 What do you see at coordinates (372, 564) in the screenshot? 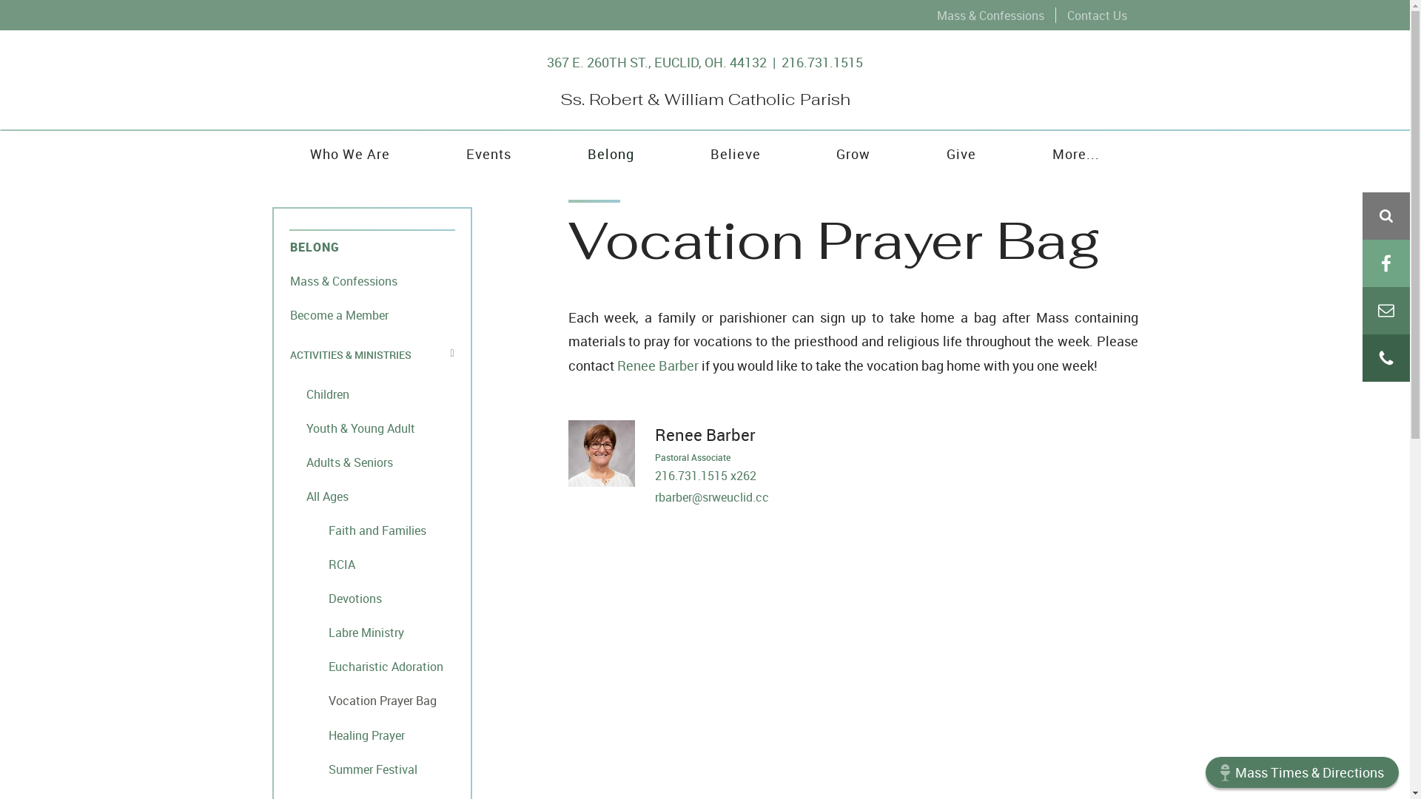
I see `'RCIA'` at bounding box center [372, 564].